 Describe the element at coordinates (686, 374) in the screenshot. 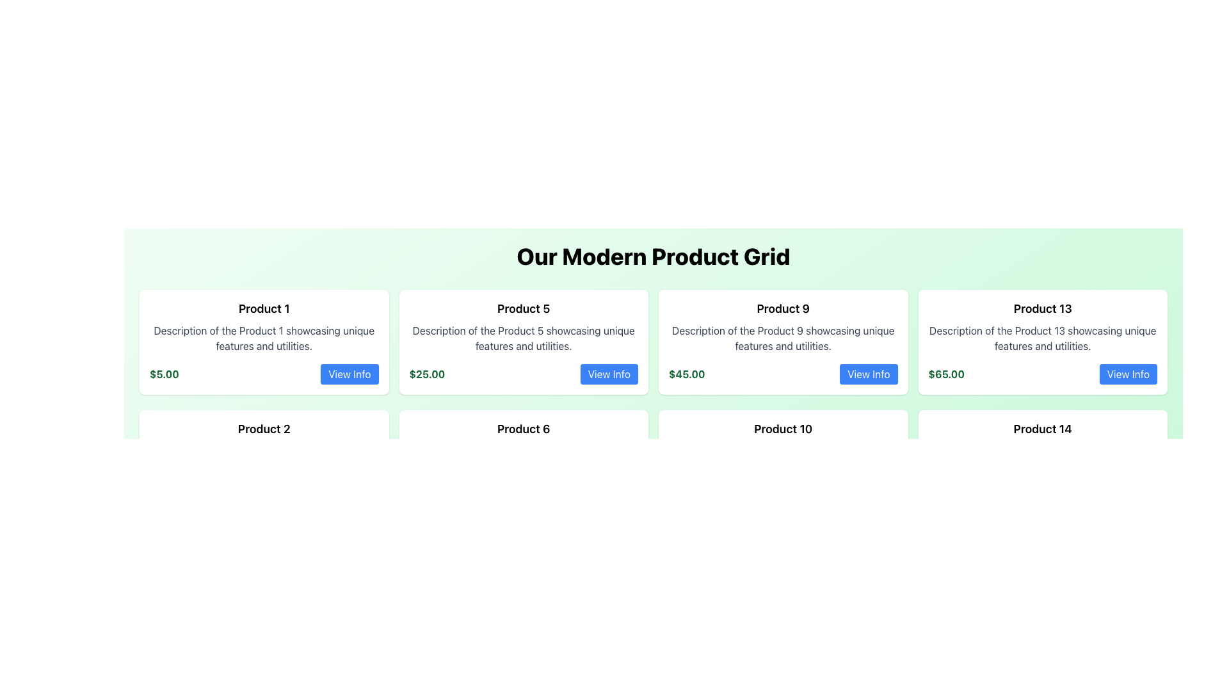

I see `price information displayed as '$45.00' in bold green text located within the information card of 'Product 9', which is below the product description and to the left of the 'View Info' button` at that location.